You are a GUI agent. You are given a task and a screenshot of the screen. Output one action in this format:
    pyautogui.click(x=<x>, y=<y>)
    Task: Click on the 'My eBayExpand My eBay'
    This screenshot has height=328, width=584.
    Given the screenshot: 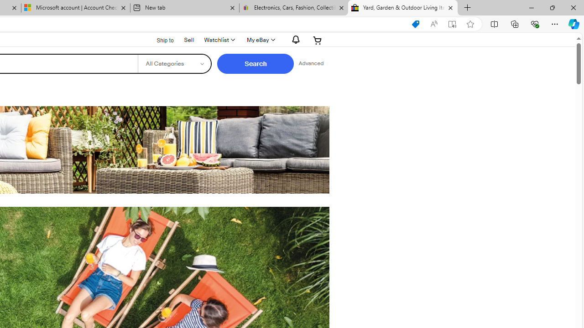 What is the action you would take?
    pyautogui.click(x=260, y=40)
    